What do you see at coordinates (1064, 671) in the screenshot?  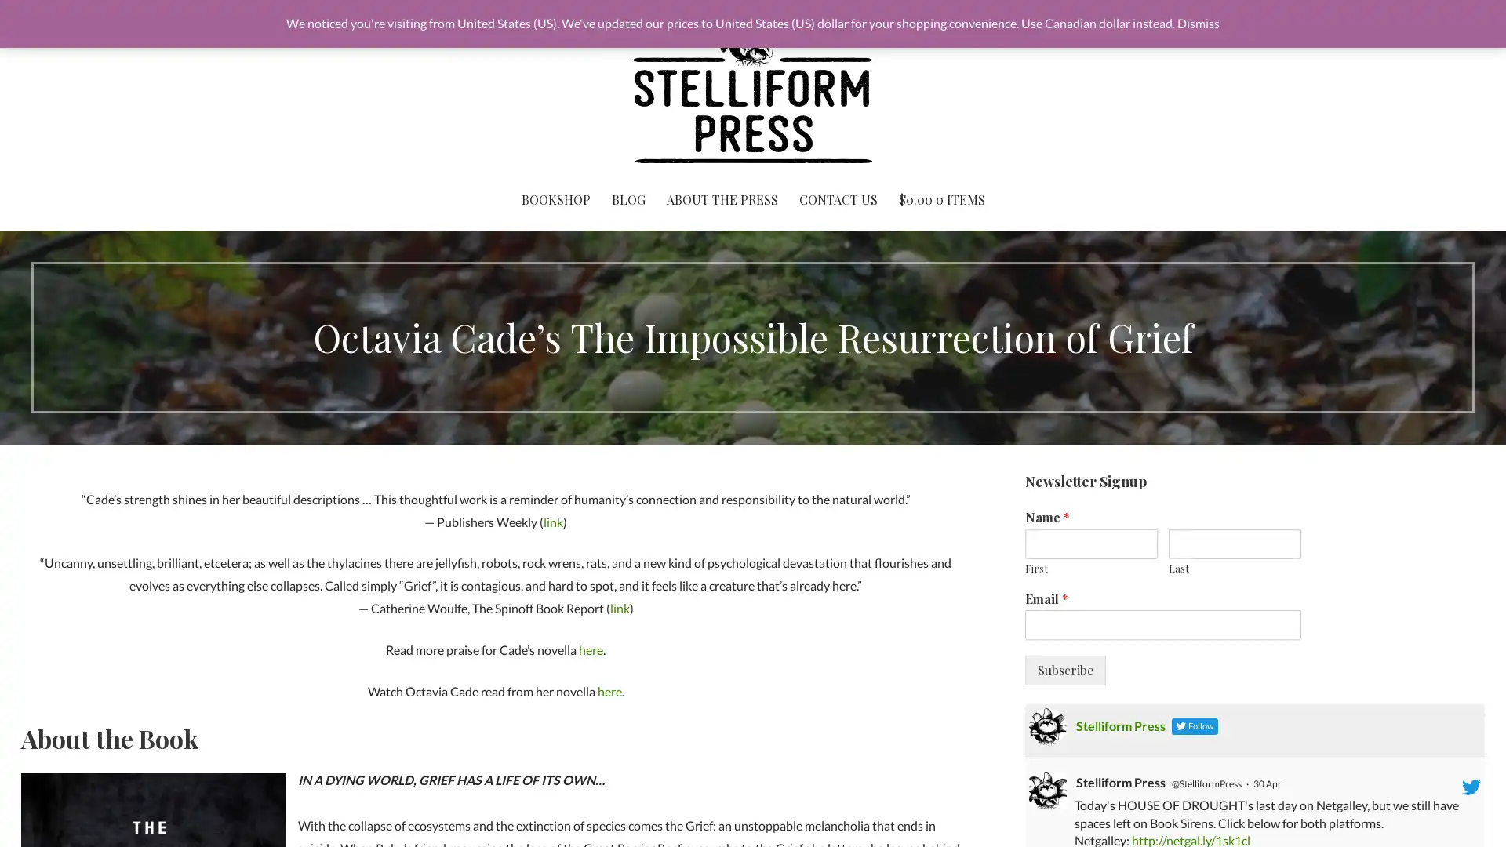 I see `Subscribe` at bounding box center [1064, 671].